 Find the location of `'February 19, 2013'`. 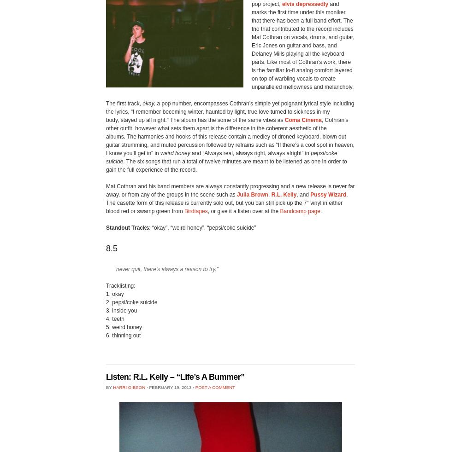

'February 19, 2013' is located at coordinates (170, 387).